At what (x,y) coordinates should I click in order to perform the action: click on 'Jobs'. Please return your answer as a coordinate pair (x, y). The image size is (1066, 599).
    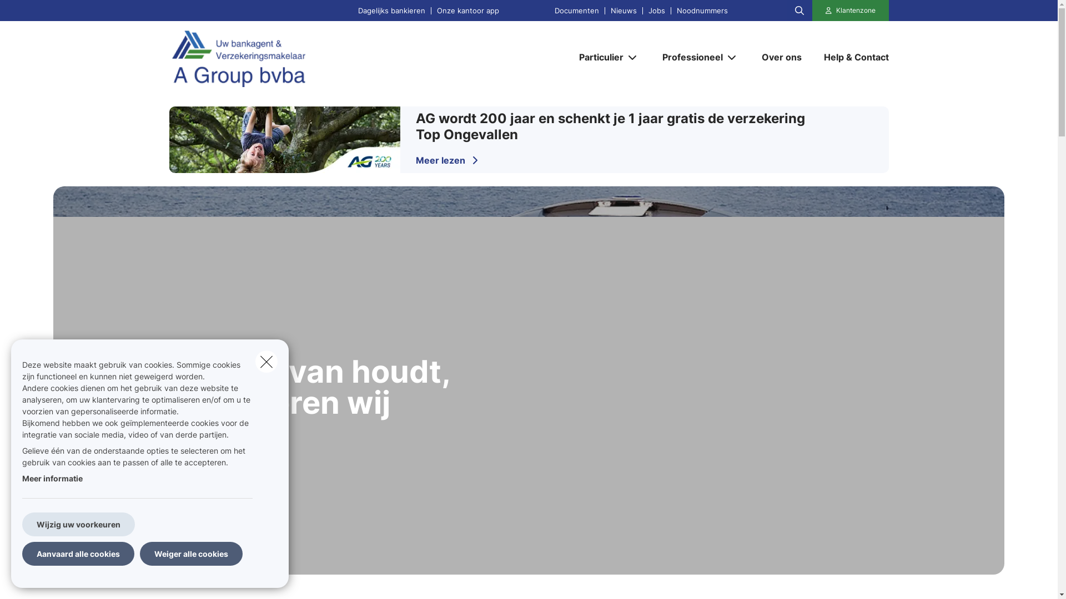
    Looking at the image, I should click on (656, 10).